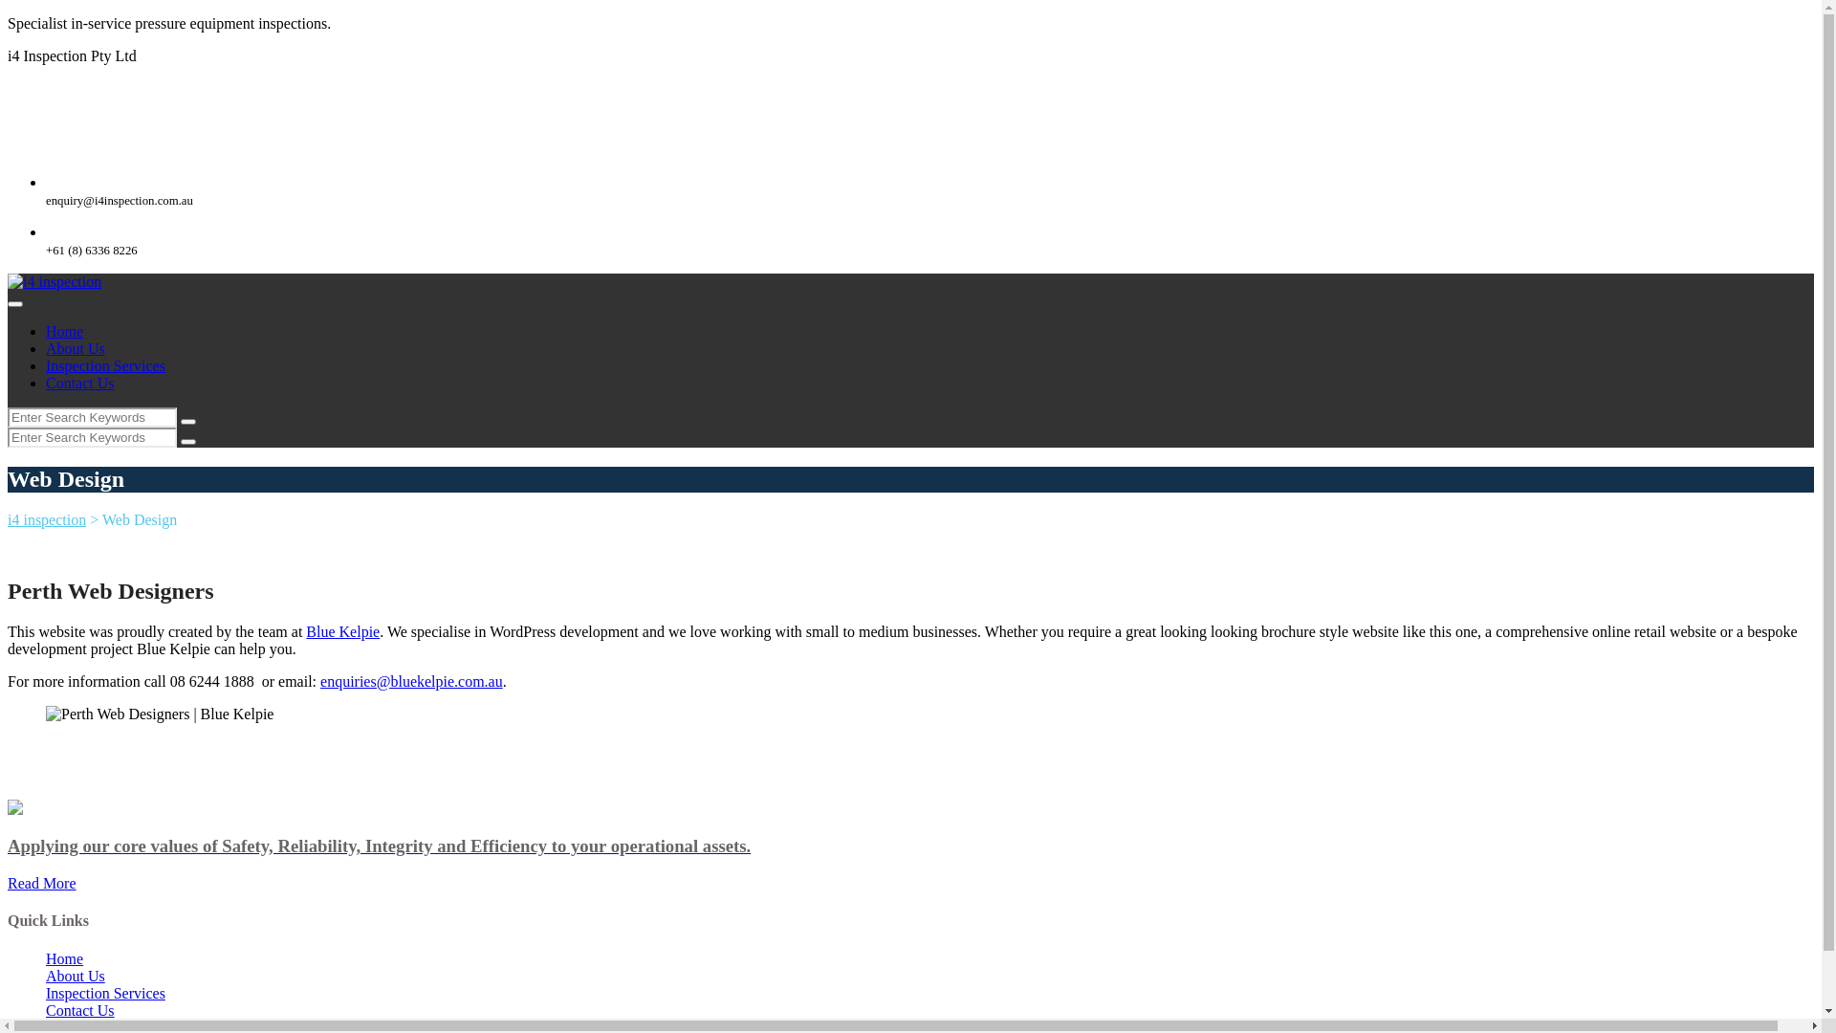 Image resolution: width=1836 pixels, height=1033 pixels. What do you see at coordinates (46, 958) in the screenshot?
I see `'Home'` at bounding box center [46, 958].